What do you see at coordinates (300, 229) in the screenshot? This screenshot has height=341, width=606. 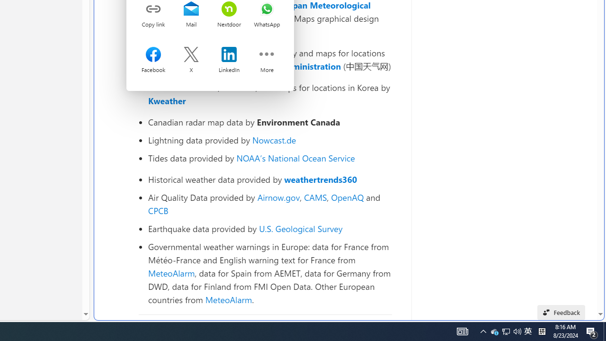 I see `'U.S. Geological Survey'` at bounding box center [300, 229].